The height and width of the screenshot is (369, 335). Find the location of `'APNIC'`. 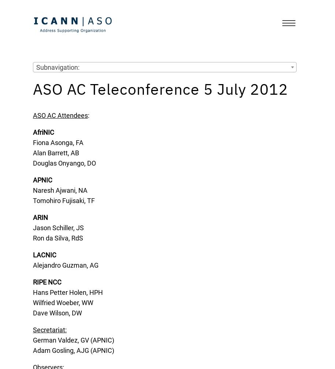

'APNIC' is located at coordinates (42, 180).